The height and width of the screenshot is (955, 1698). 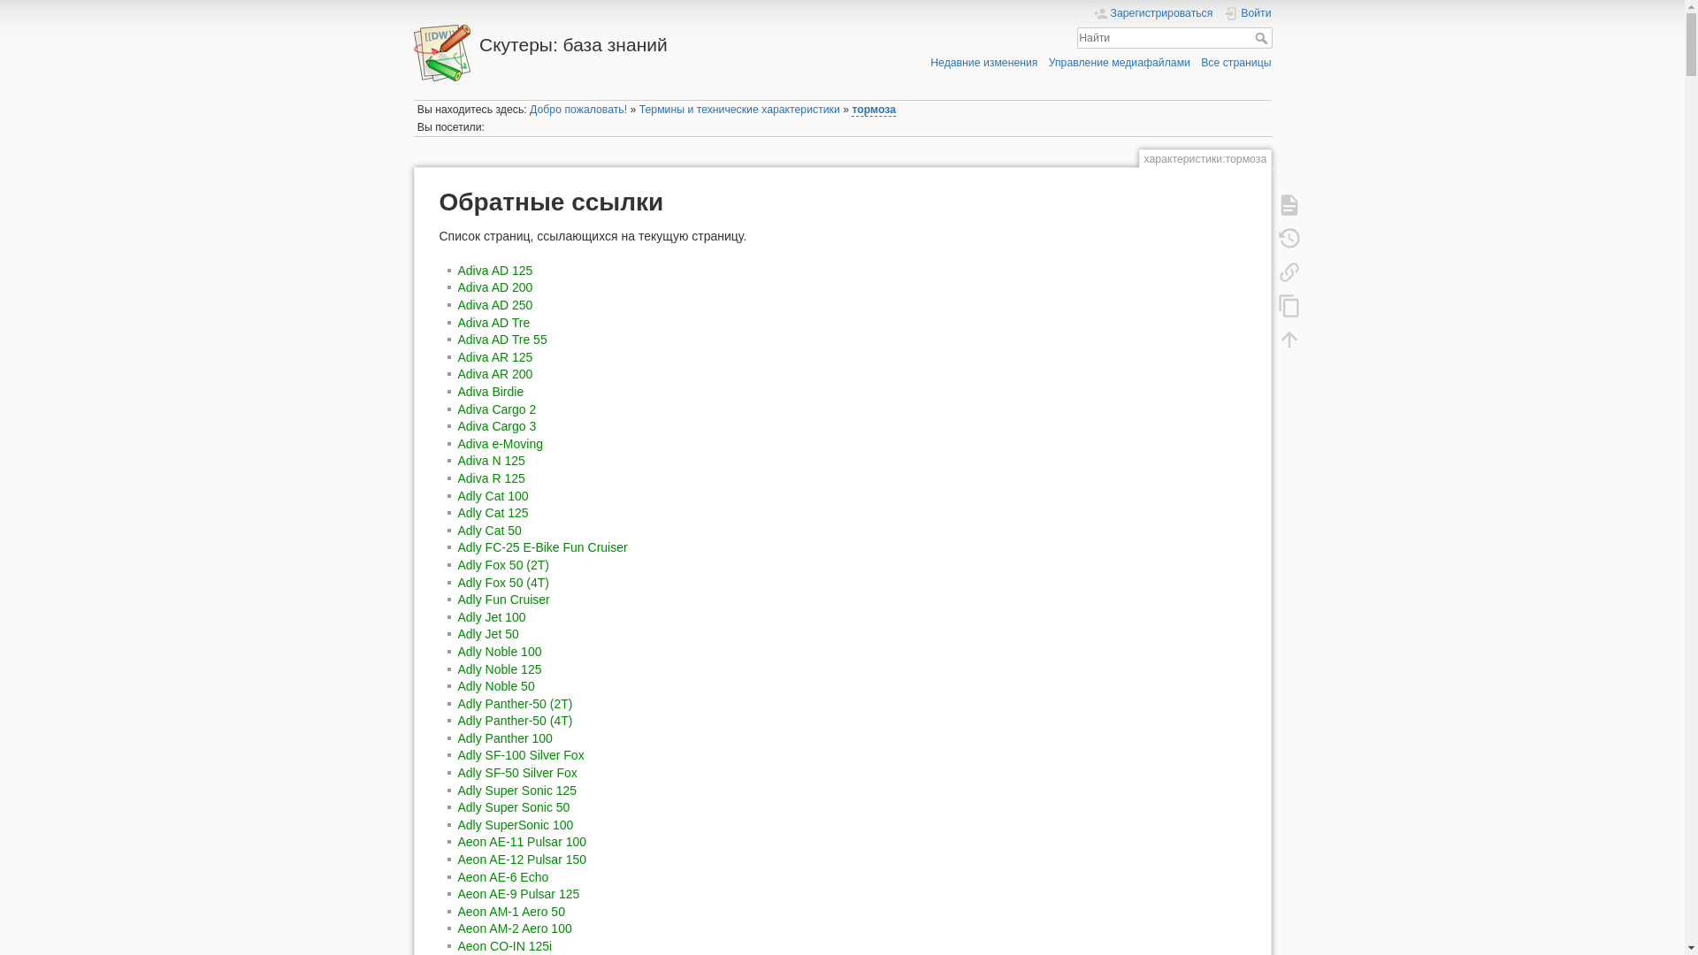 What do you see at coordinates (514, 720) in the screenshot?
I see `'Adly Panther-50 (4T)'` at bounding box center [514, 720].